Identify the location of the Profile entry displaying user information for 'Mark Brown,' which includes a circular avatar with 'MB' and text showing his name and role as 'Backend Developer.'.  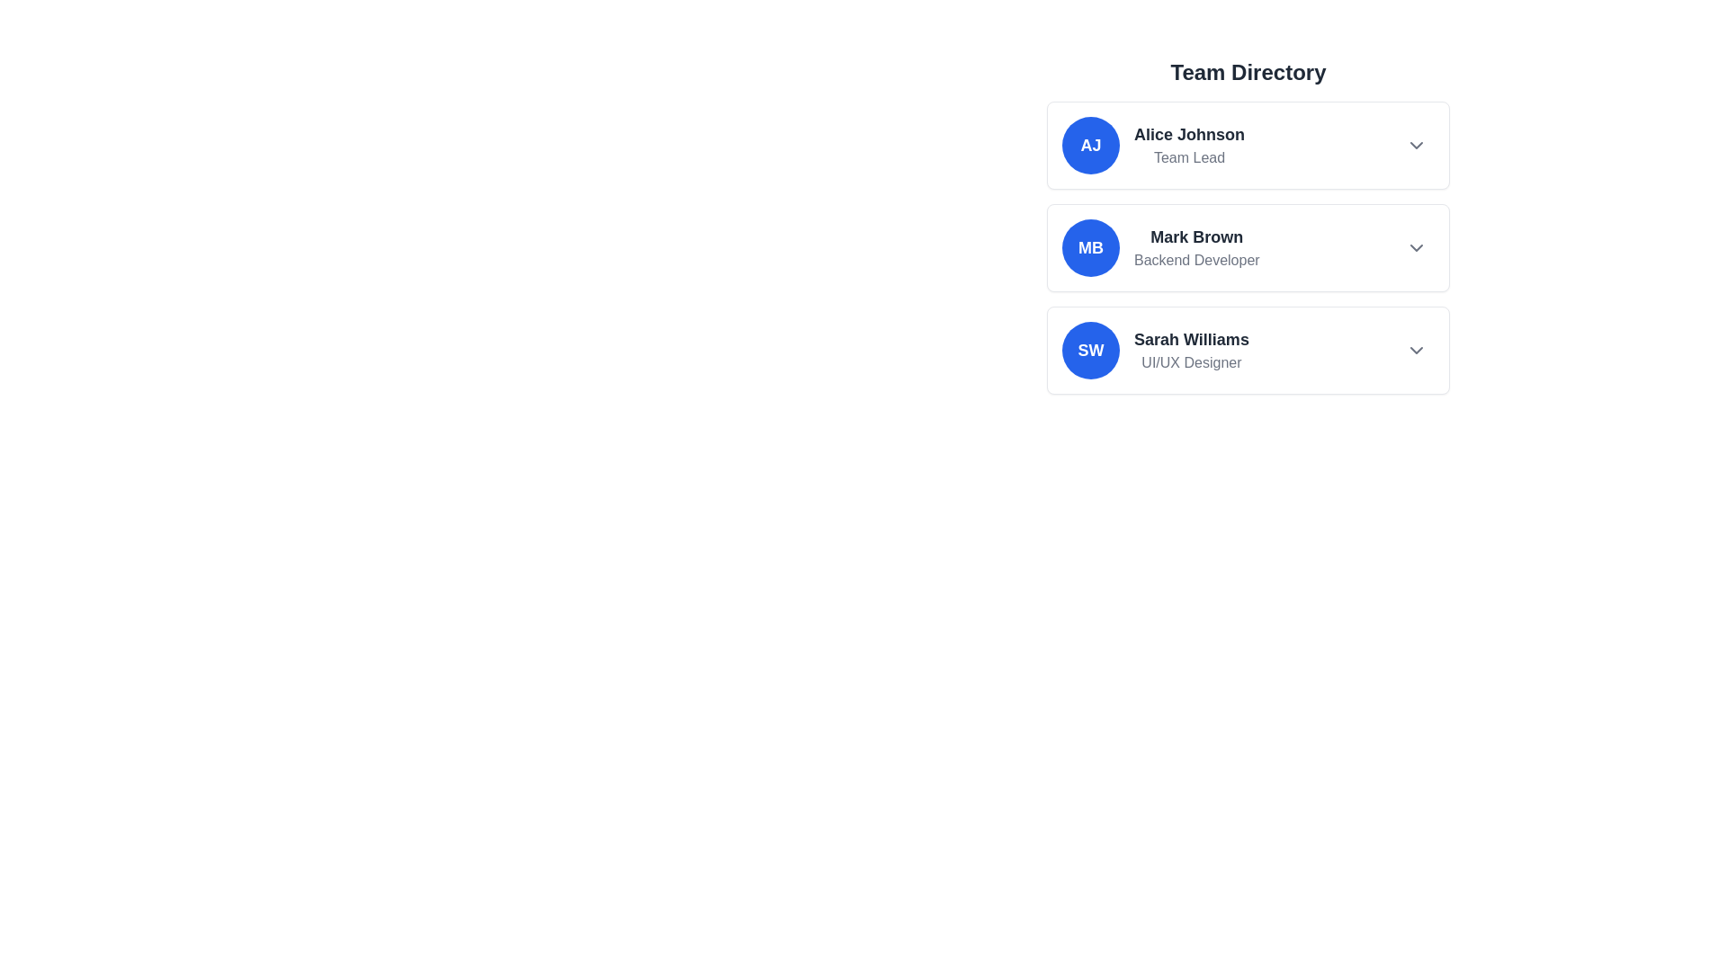
(1160, 248).